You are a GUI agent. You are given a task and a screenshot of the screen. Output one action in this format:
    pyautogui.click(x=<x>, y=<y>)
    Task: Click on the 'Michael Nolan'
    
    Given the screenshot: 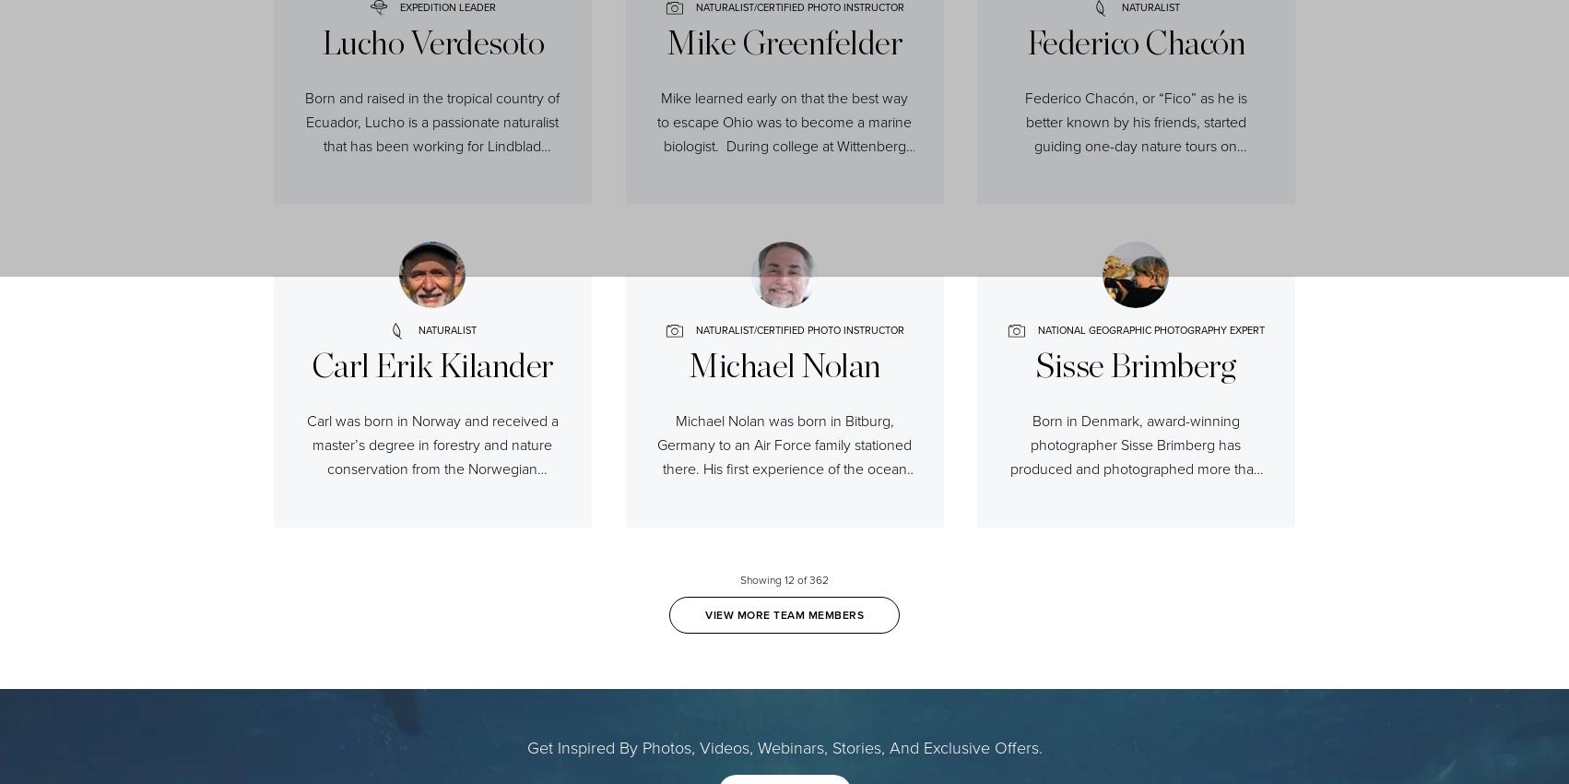 What is the action you would take?
    pyautogui.click(x=783, y=362)
    